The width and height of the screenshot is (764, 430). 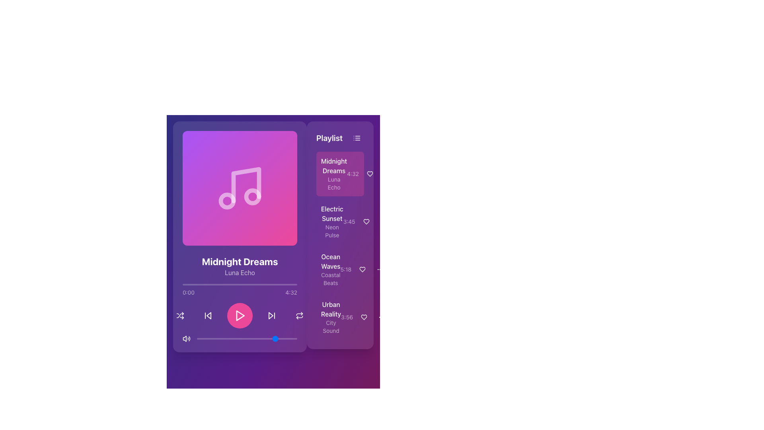 What do you see at coordinates (363, 269) in the screenshot?
I see `the heart icon to mark 'Ocean Waves' as a favorite. This icon is the second interactive button in the controls row of the 'Ocean Waves - Coastal Beats' song entry, located between the duration text and an ellipsis icon` at bounding box center [363, 269].